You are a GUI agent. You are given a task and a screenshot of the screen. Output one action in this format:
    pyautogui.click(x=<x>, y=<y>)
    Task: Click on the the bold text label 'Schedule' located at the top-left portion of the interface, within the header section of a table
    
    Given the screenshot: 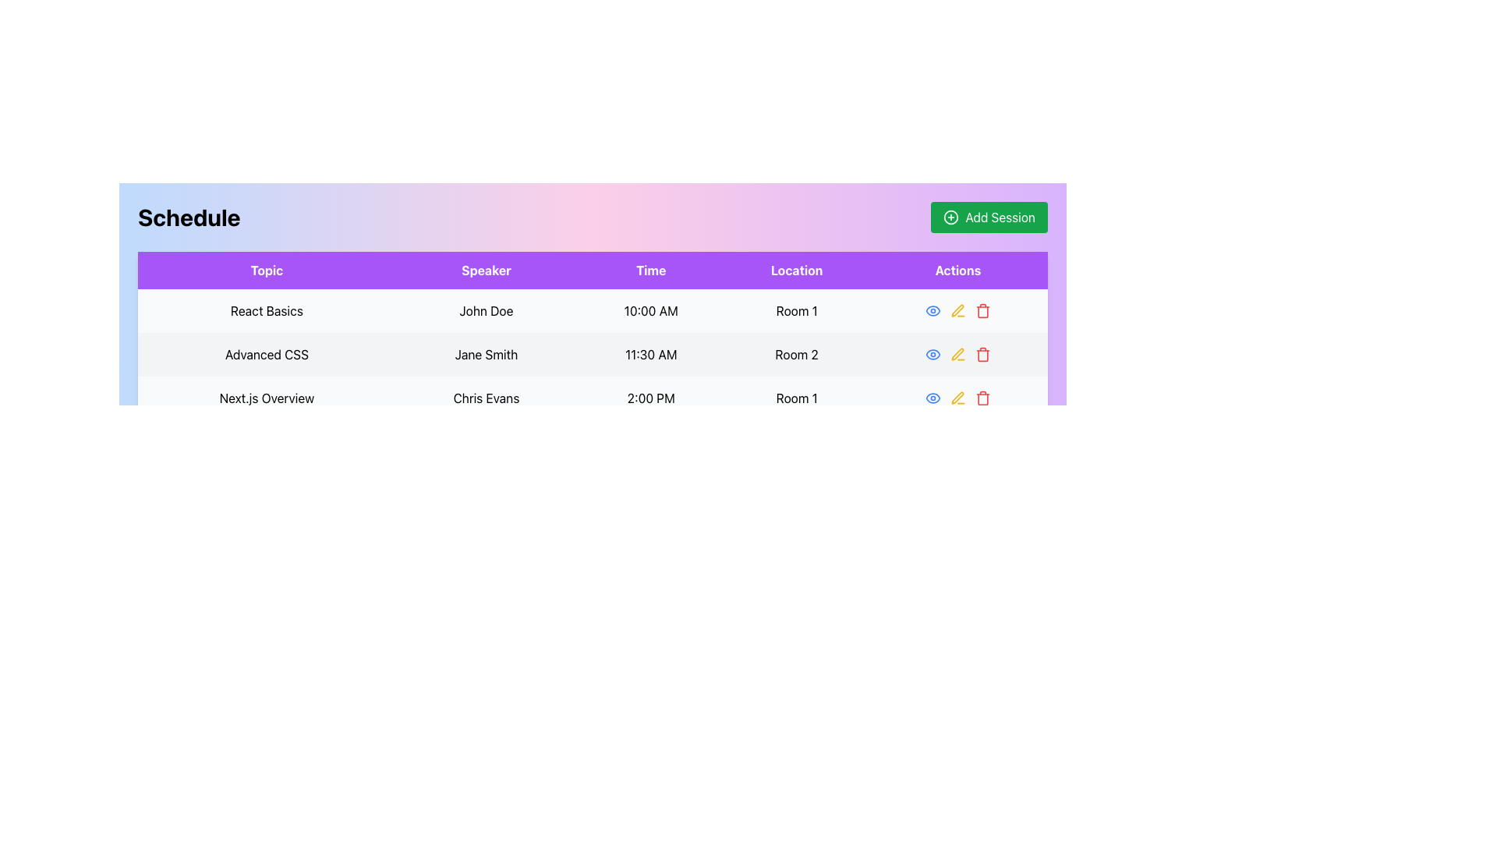 What is the action you would take?
    pyautogui.click(x=188, y=217)
    